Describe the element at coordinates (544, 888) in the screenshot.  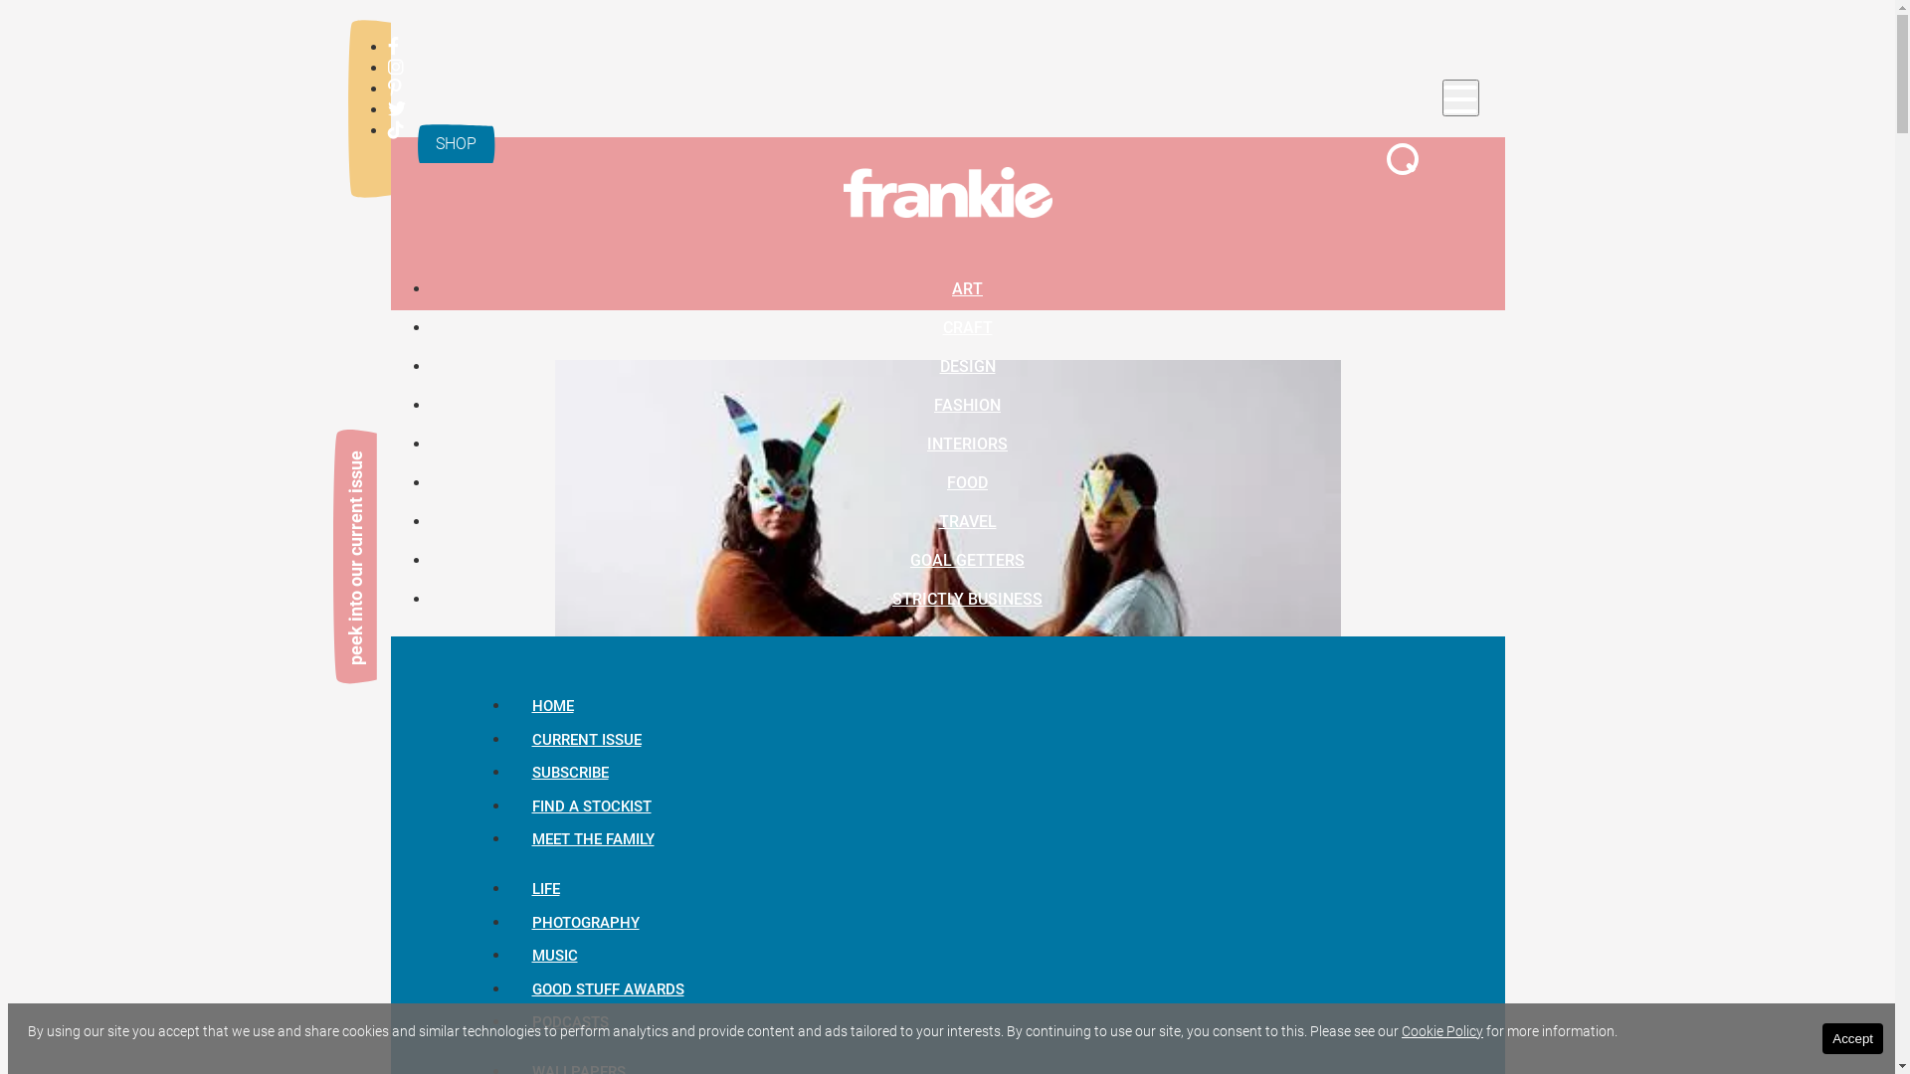
I see `'LIFE'` at that location.